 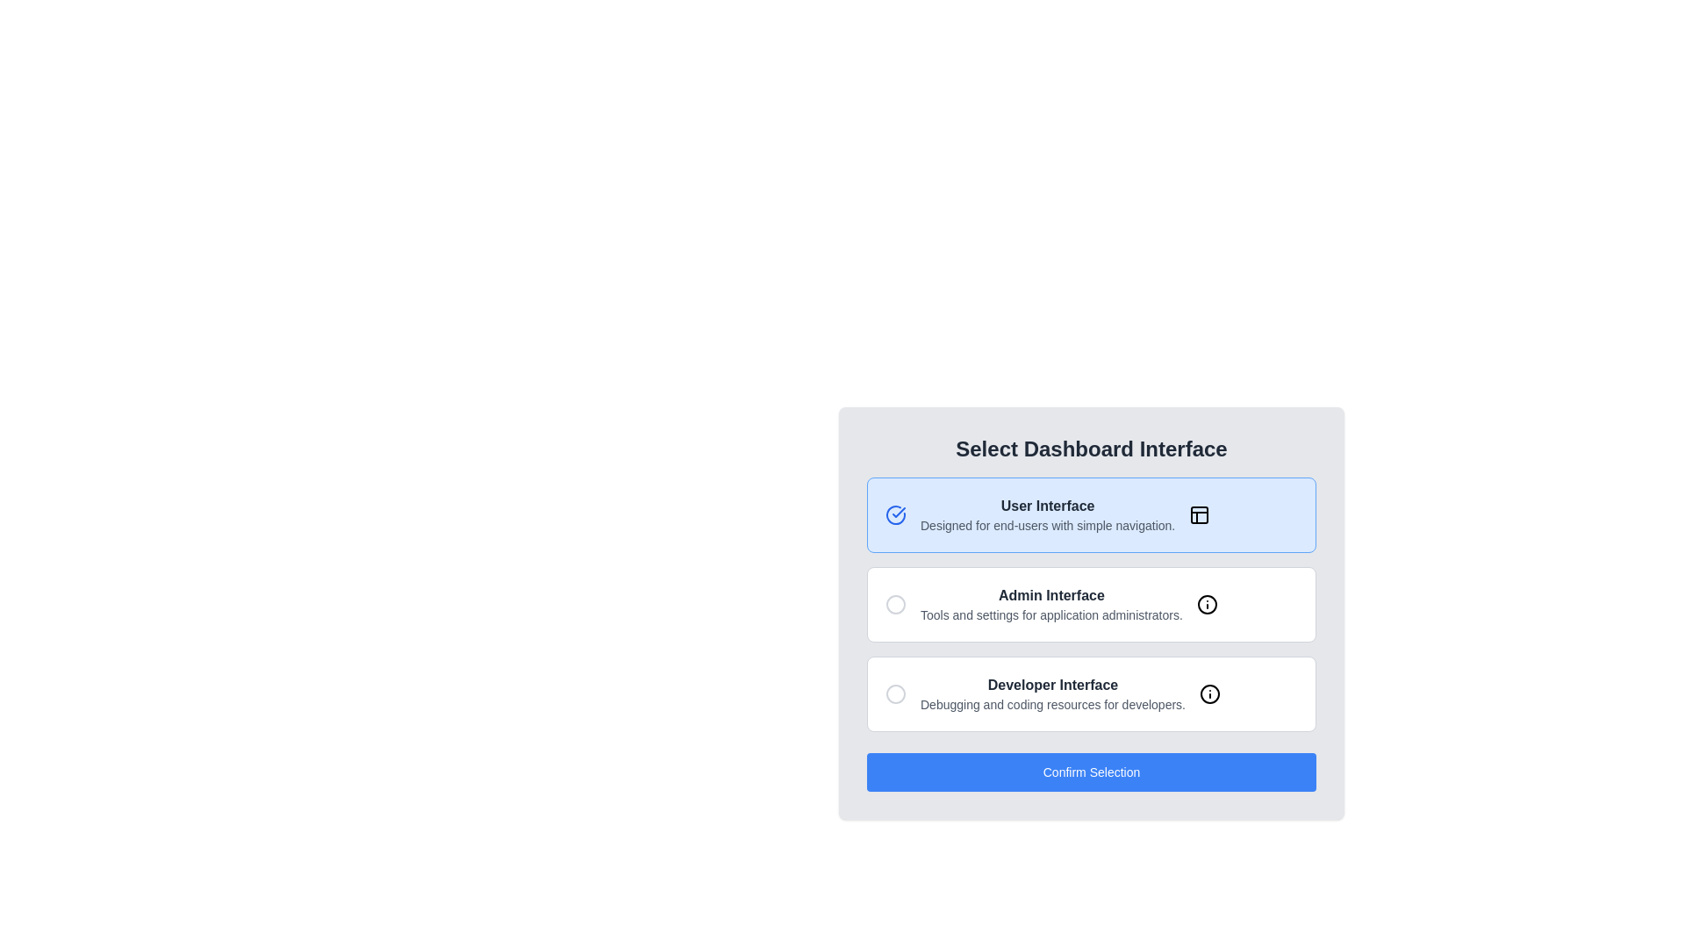 I want to click on the third list item with a radio button labeled 'Developer Interface', so click(x=1090, y=693).